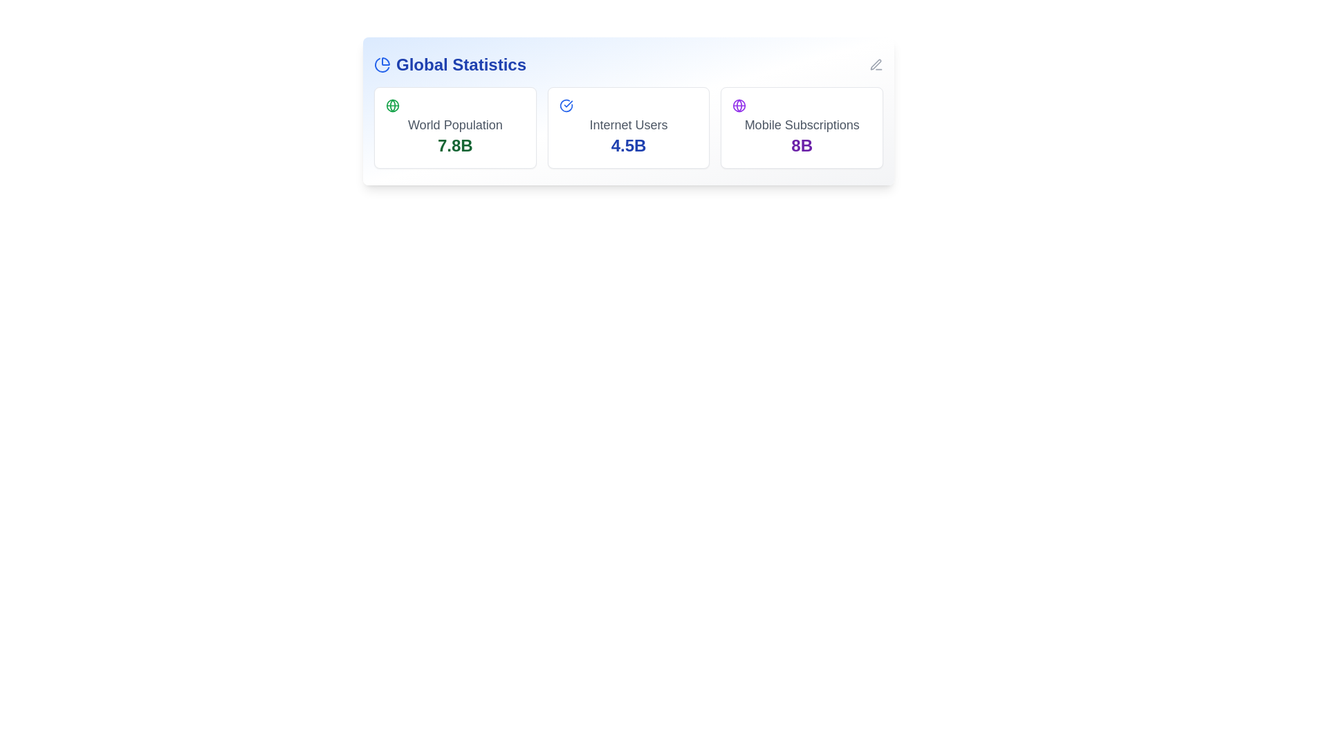 Image resolution: width=1328 pixels, height=747 pixels. What do you see at coordinates (450, 64) in the screenshot?
I see `the 'Global Statistics' label, which is a bold blue text next to a blue pie chart icon, for navigation` at bounding box center [450, 64].